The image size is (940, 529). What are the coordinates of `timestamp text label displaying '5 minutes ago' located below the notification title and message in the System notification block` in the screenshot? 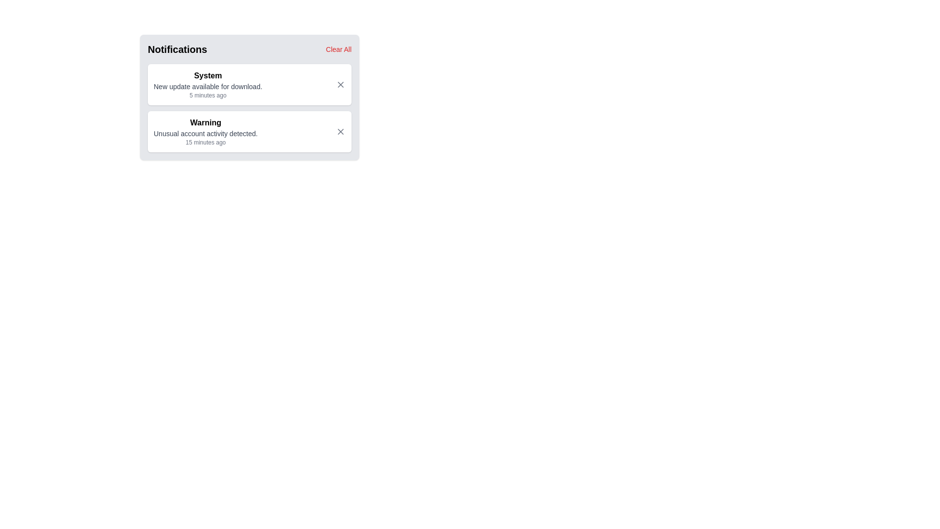 It's located at (207, 96).